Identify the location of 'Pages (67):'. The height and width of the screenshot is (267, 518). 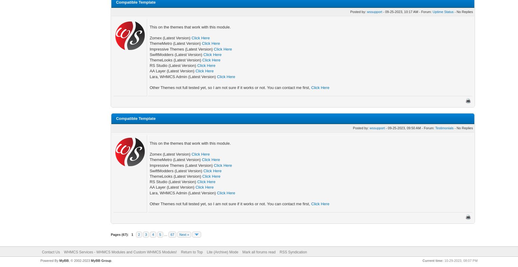
(119, 235).